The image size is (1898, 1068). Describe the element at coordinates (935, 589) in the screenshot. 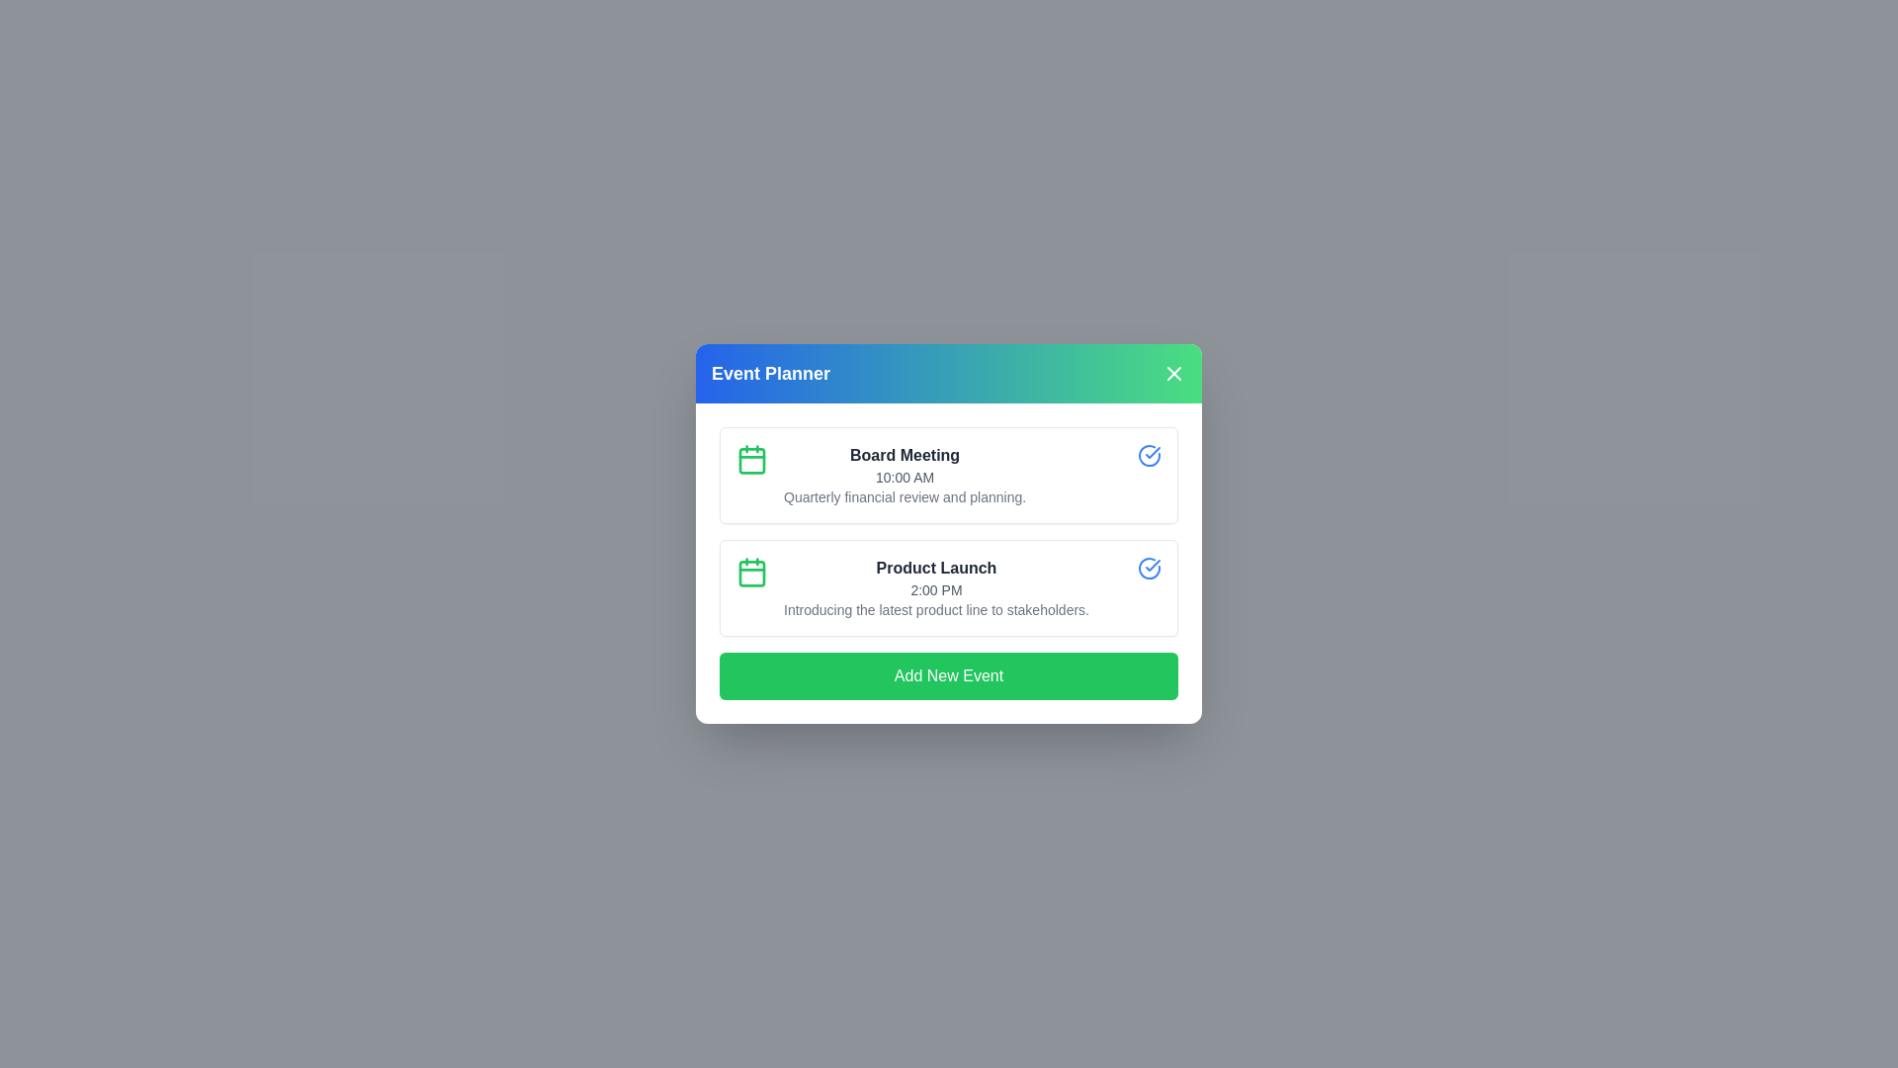

I see `the timestamp display for the 'Product Launch' event, which shows '2:00 PM' in gray text, located directly beneath the event title` at that location.